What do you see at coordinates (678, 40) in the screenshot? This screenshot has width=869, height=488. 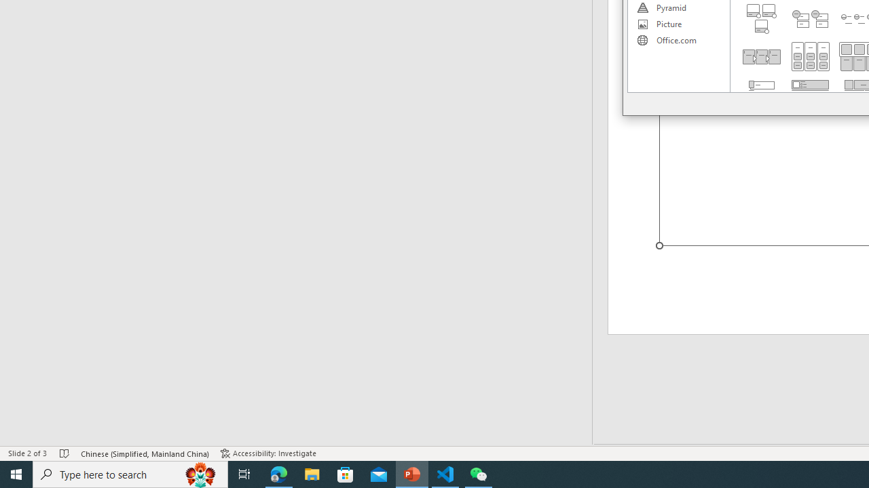 I see `'Office.com'` at bounding box center [678, 40].